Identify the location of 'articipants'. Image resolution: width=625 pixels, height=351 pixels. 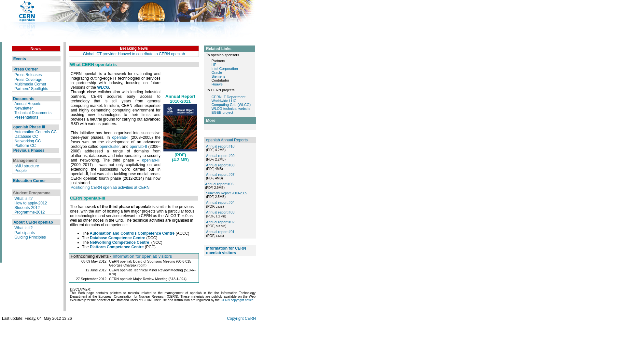
(26, 232).